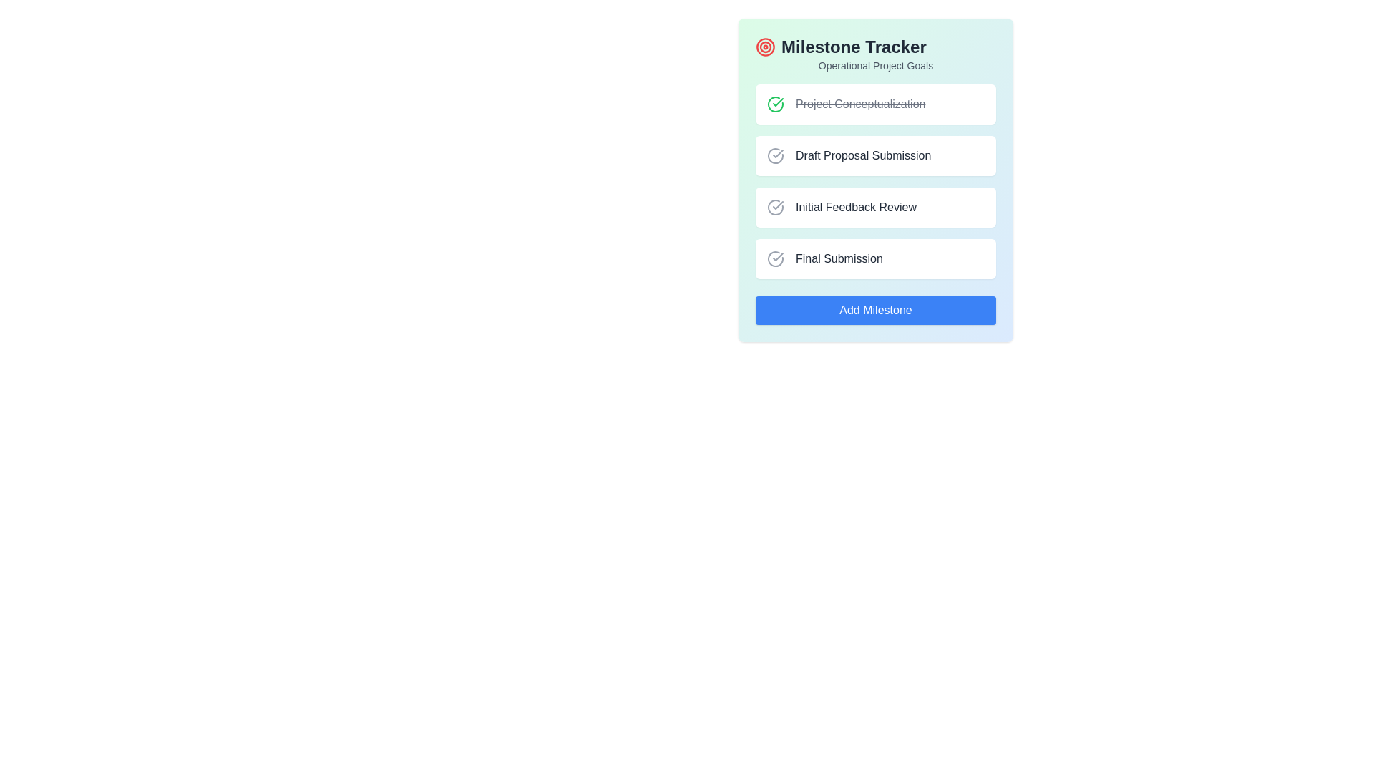 The width and height of the screenshot is (1374, 773). I want to click on the circular graphic icon with an outer stroke and inner checkmark, located to the left of the 'Final Submission' text in the milestone completion indicator, so click(775, 259).